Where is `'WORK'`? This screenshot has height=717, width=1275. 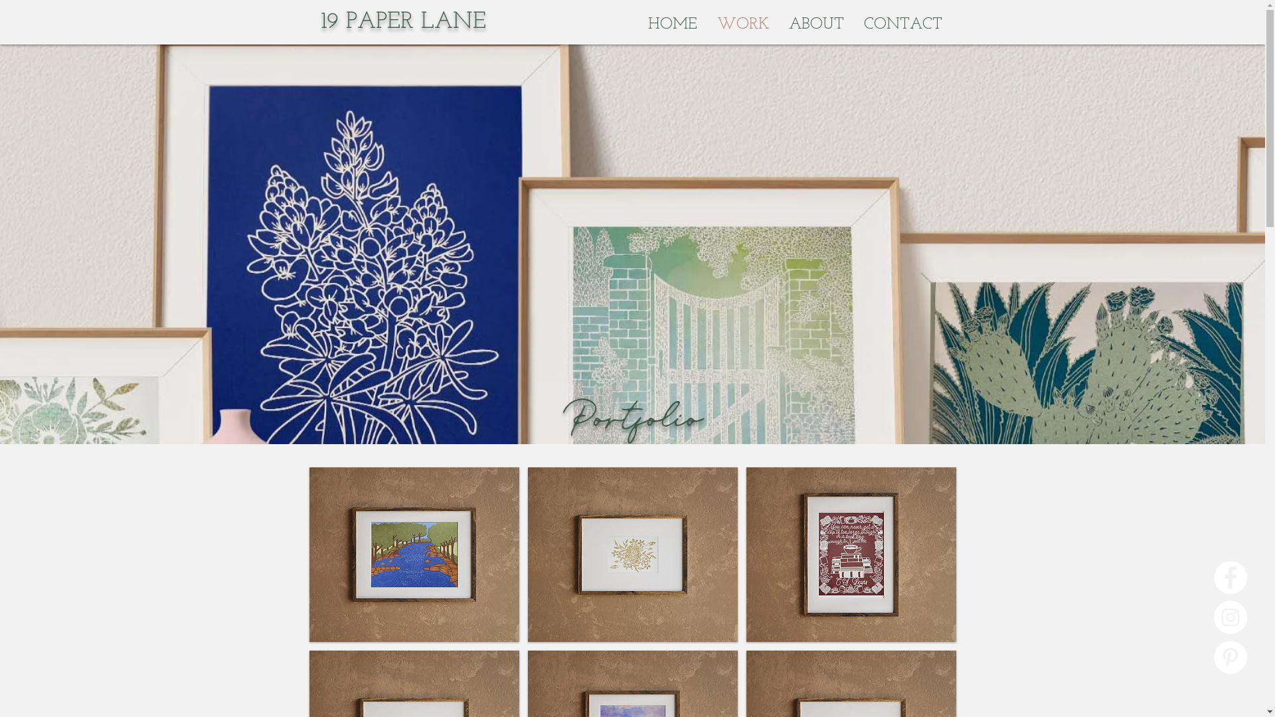 'WORK' is located at coordinates (742, 23).